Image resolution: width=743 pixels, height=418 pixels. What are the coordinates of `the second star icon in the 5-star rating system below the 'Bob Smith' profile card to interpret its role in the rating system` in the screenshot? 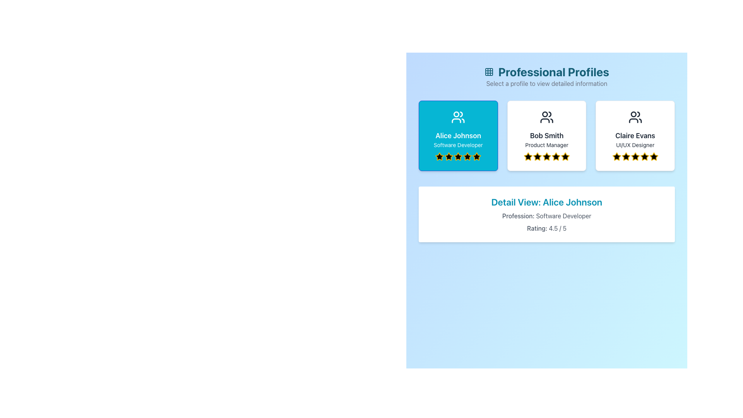 It's located at (527, 157).